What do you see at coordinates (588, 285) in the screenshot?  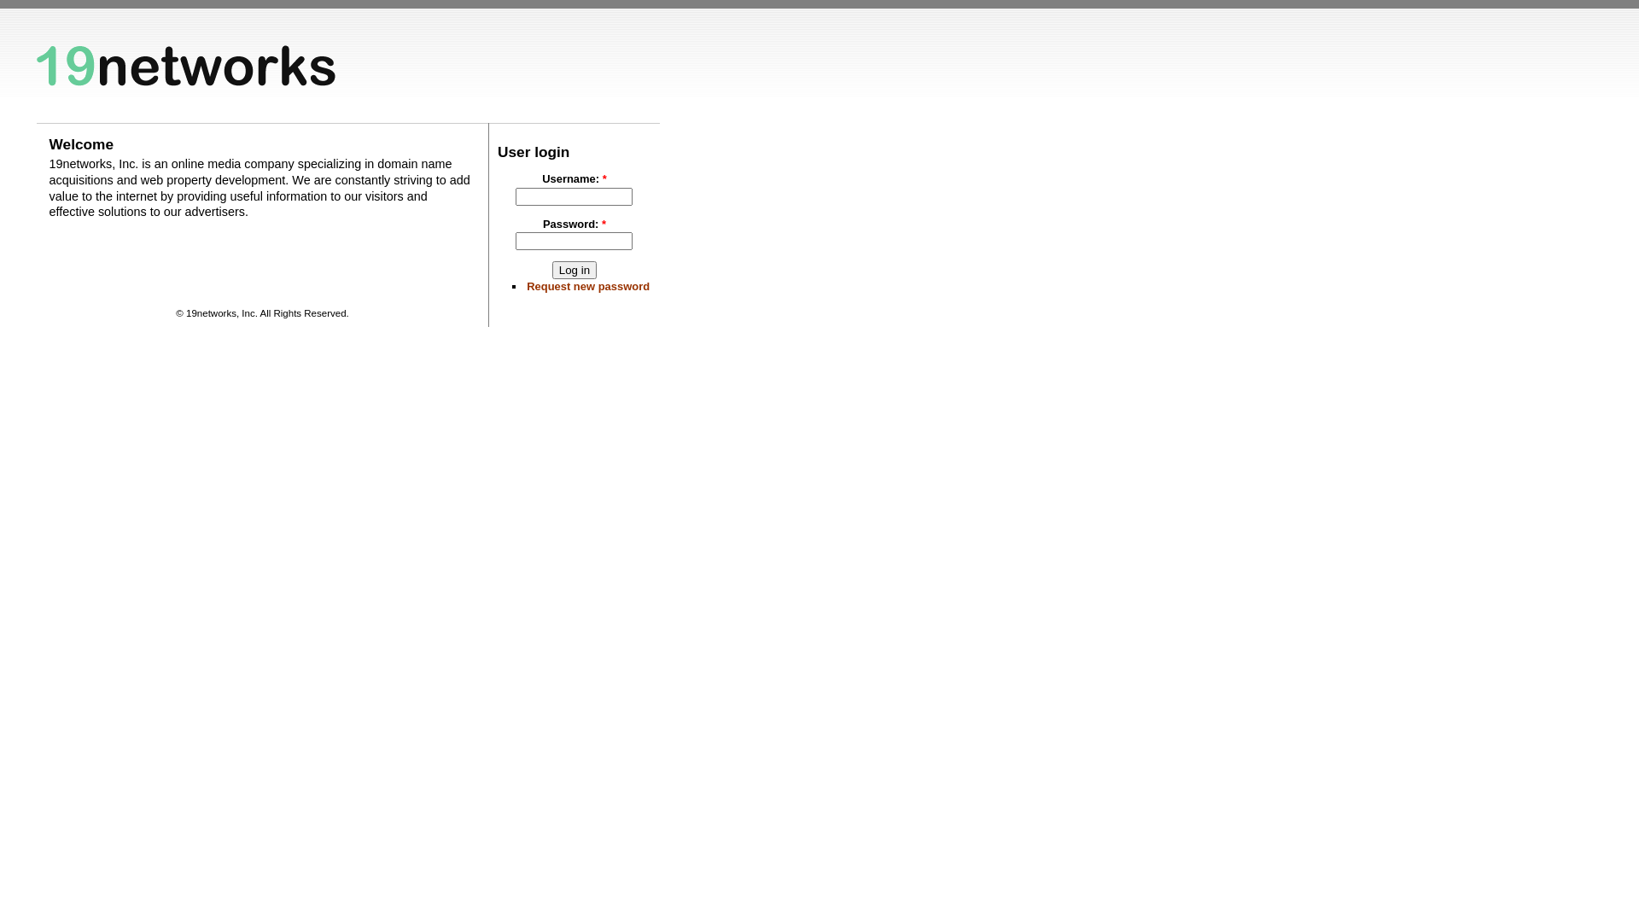 I see `'Request new password'` at bounding box center [588, 285].